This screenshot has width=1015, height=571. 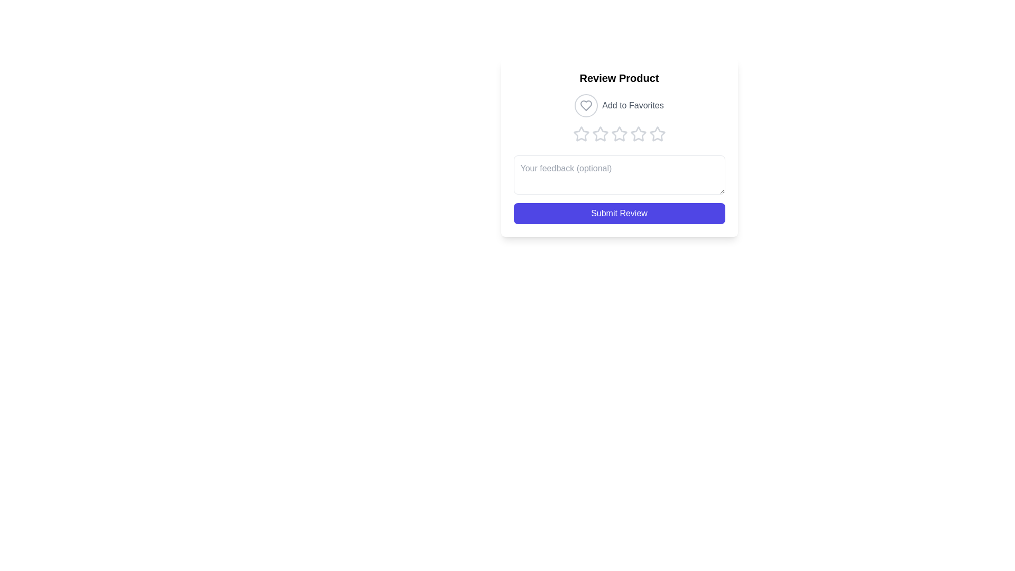 What do you see at coordinates (619, 106) in the screenshot?
I see `the favorite toggle button located beneath the 'Review Product' text and above the star icons` at bounding box center [619, 106].